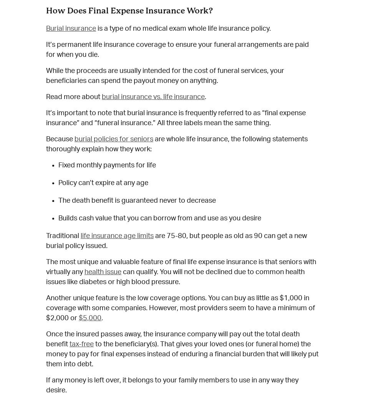 Image resolution: width=365 pixels, height=397 pixels. What do you see at coordinates (153, 96) in the screenshot?
I see `'burial insurance vs. life insurance'` at bounding box center [153, 96].